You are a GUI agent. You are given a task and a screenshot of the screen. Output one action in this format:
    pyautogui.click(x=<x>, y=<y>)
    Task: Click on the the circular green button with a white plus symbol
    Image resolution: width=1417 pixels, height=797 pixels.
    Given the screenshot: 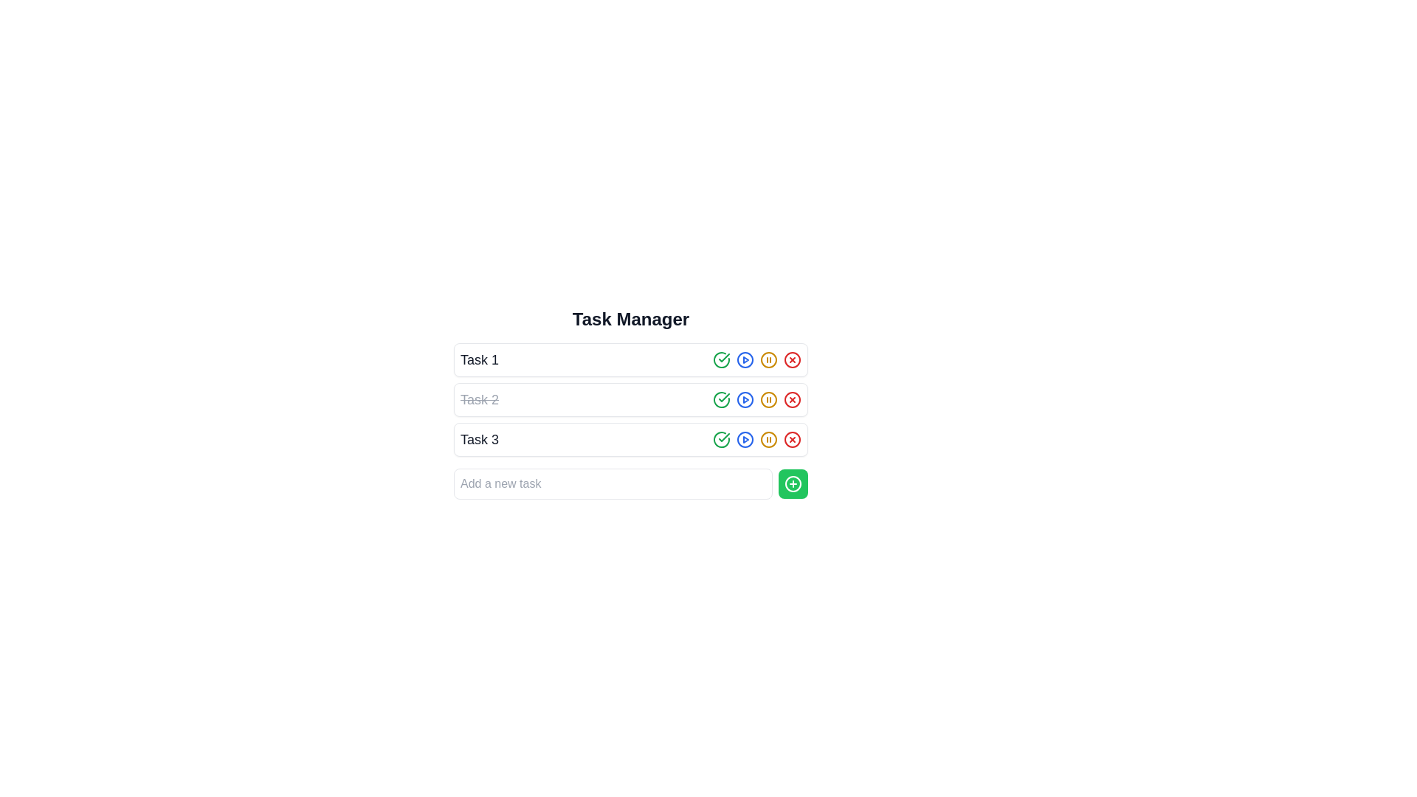 What is the action you would take?
    pyautogui.click(x=793, y=483)
    